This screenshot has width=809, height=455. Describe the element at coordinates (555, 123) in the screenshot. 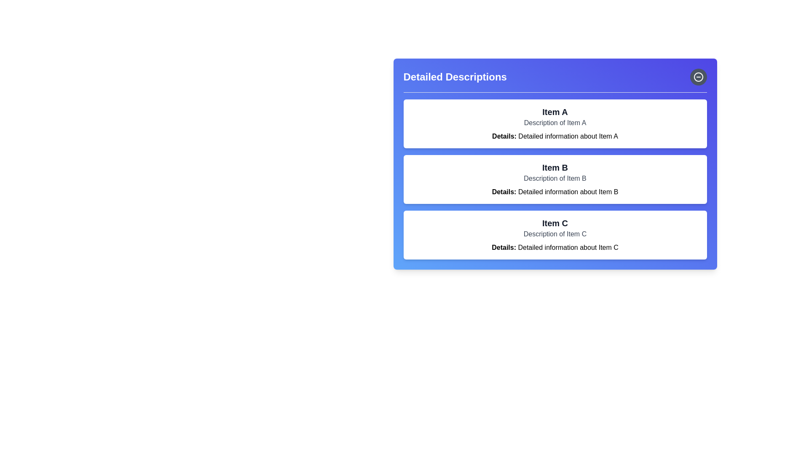

I see `the descriptive text about 'Item A' located within the first card element, positioned above the 'Details:' section` at that location.